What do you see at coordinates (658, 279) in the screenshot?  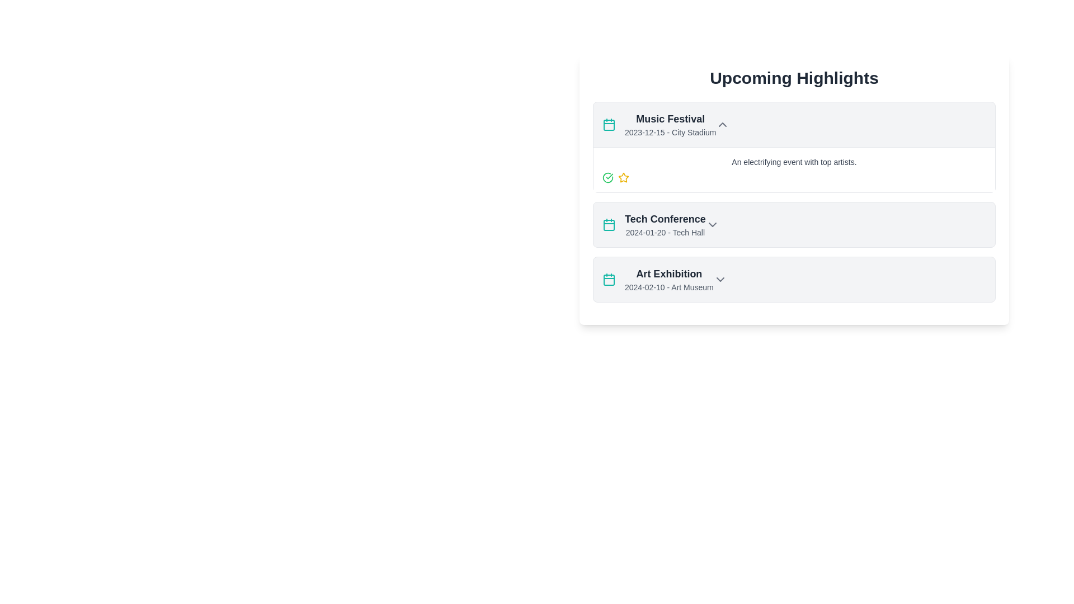 I see `the 'Art Exhibition' list item in the third row of the 'Upcoming Highlights' section to interact further` at bounding box center [658, 279].